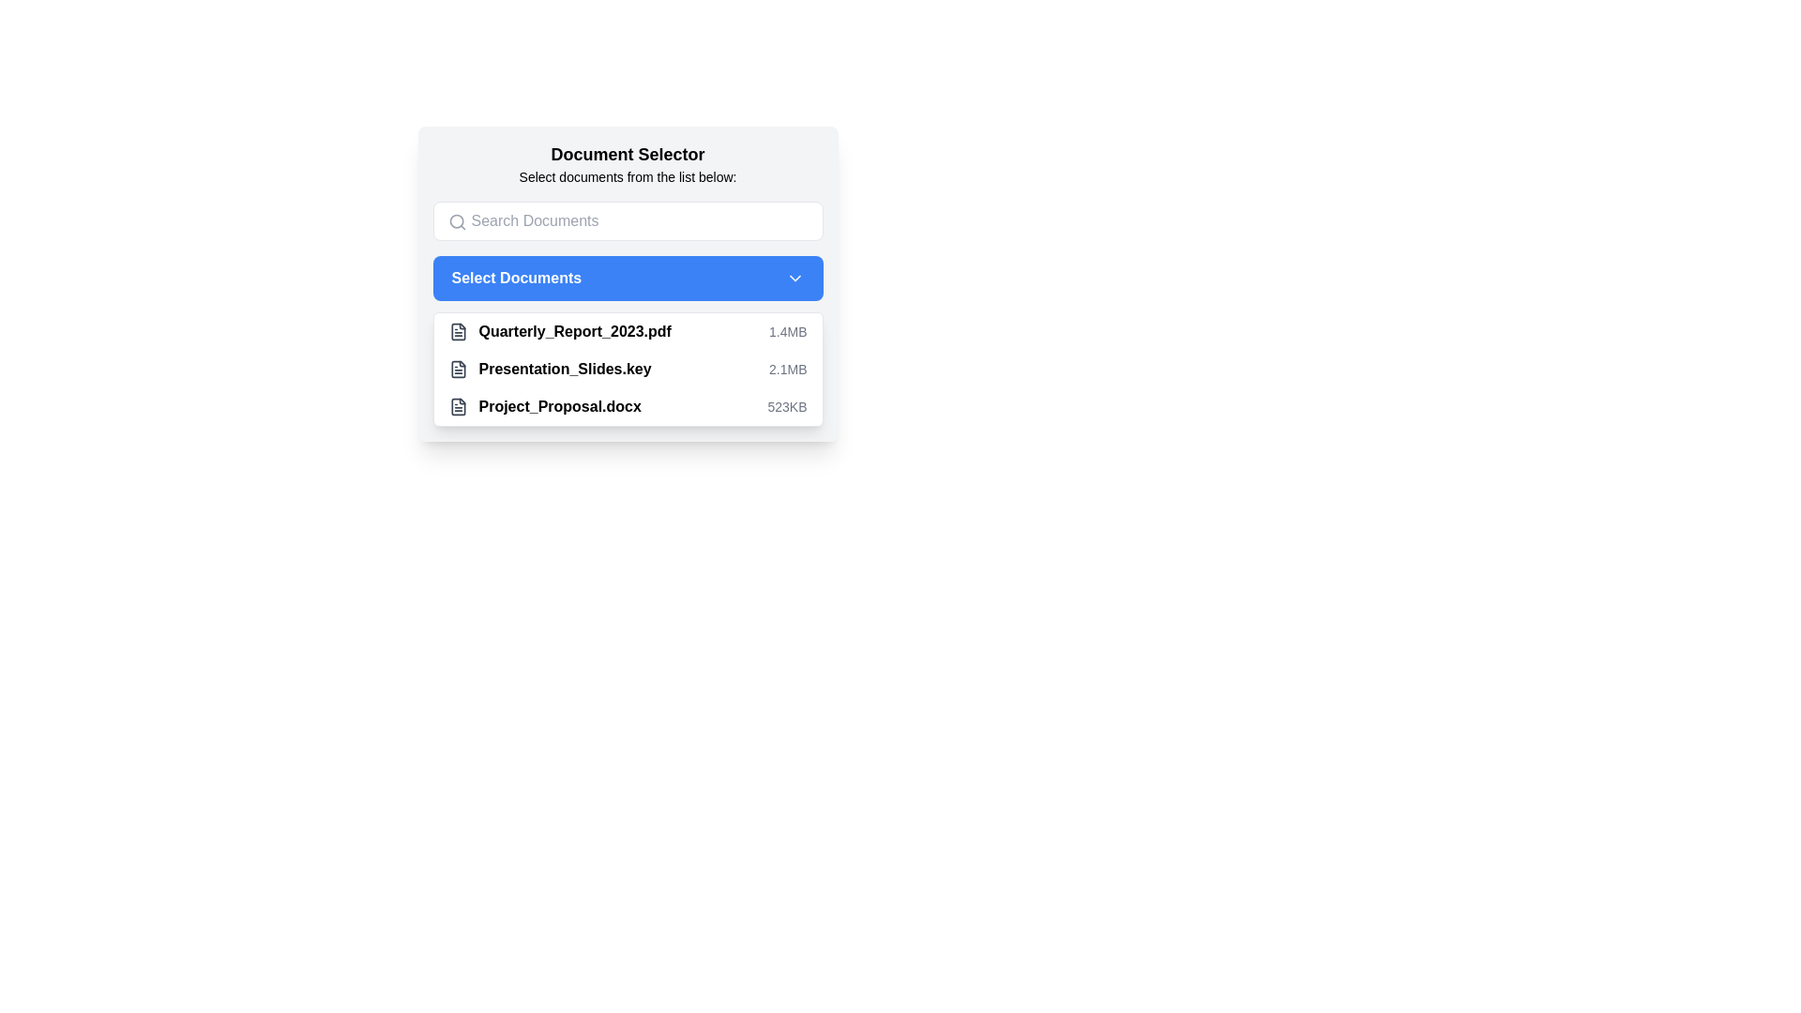 The image size is (1801, 1013). I want to click on the search icon located inside the search bar, which signifies the search functionality for the input field, so click(457, 220).